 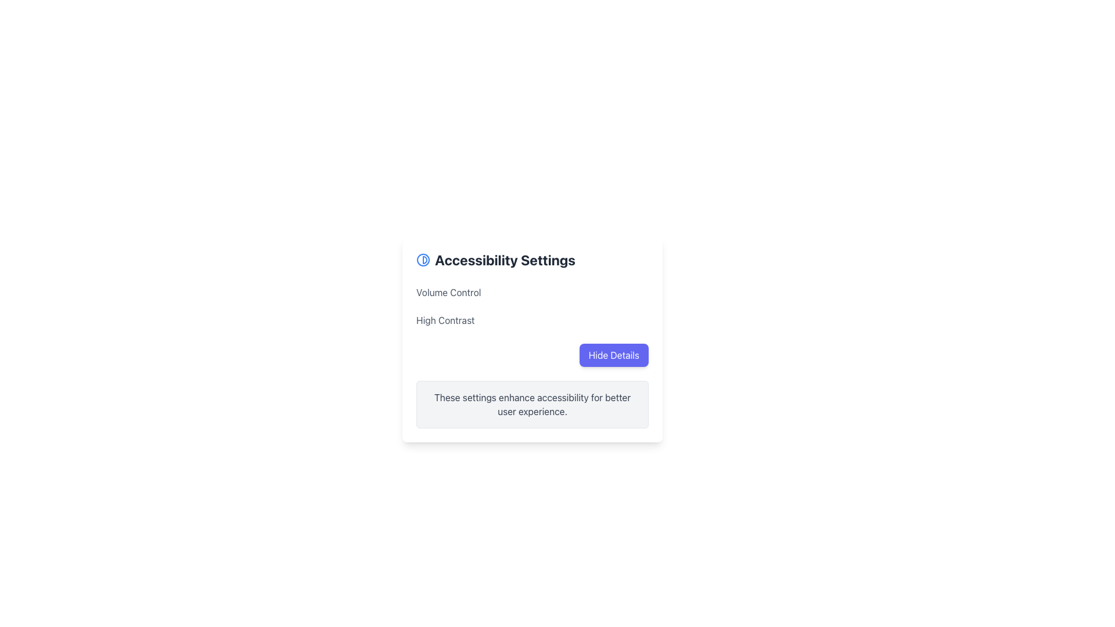 I want to click on the toggle switch for the 'High Contrast' setting located in the 'Accessibility Settings' section to change its state, so click(x=531, y=320).